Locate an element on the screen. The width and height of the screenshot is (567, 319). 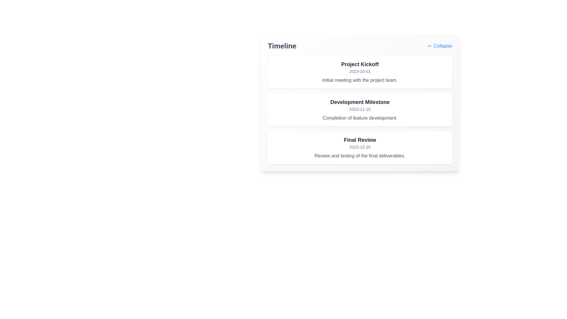
date label text indicating the time associated with the event 'Project Kickoff', located beneath the title 'Project Kickoff' and above the description text 'Initial meeting with the project team' is located at coordinates (360, 71).